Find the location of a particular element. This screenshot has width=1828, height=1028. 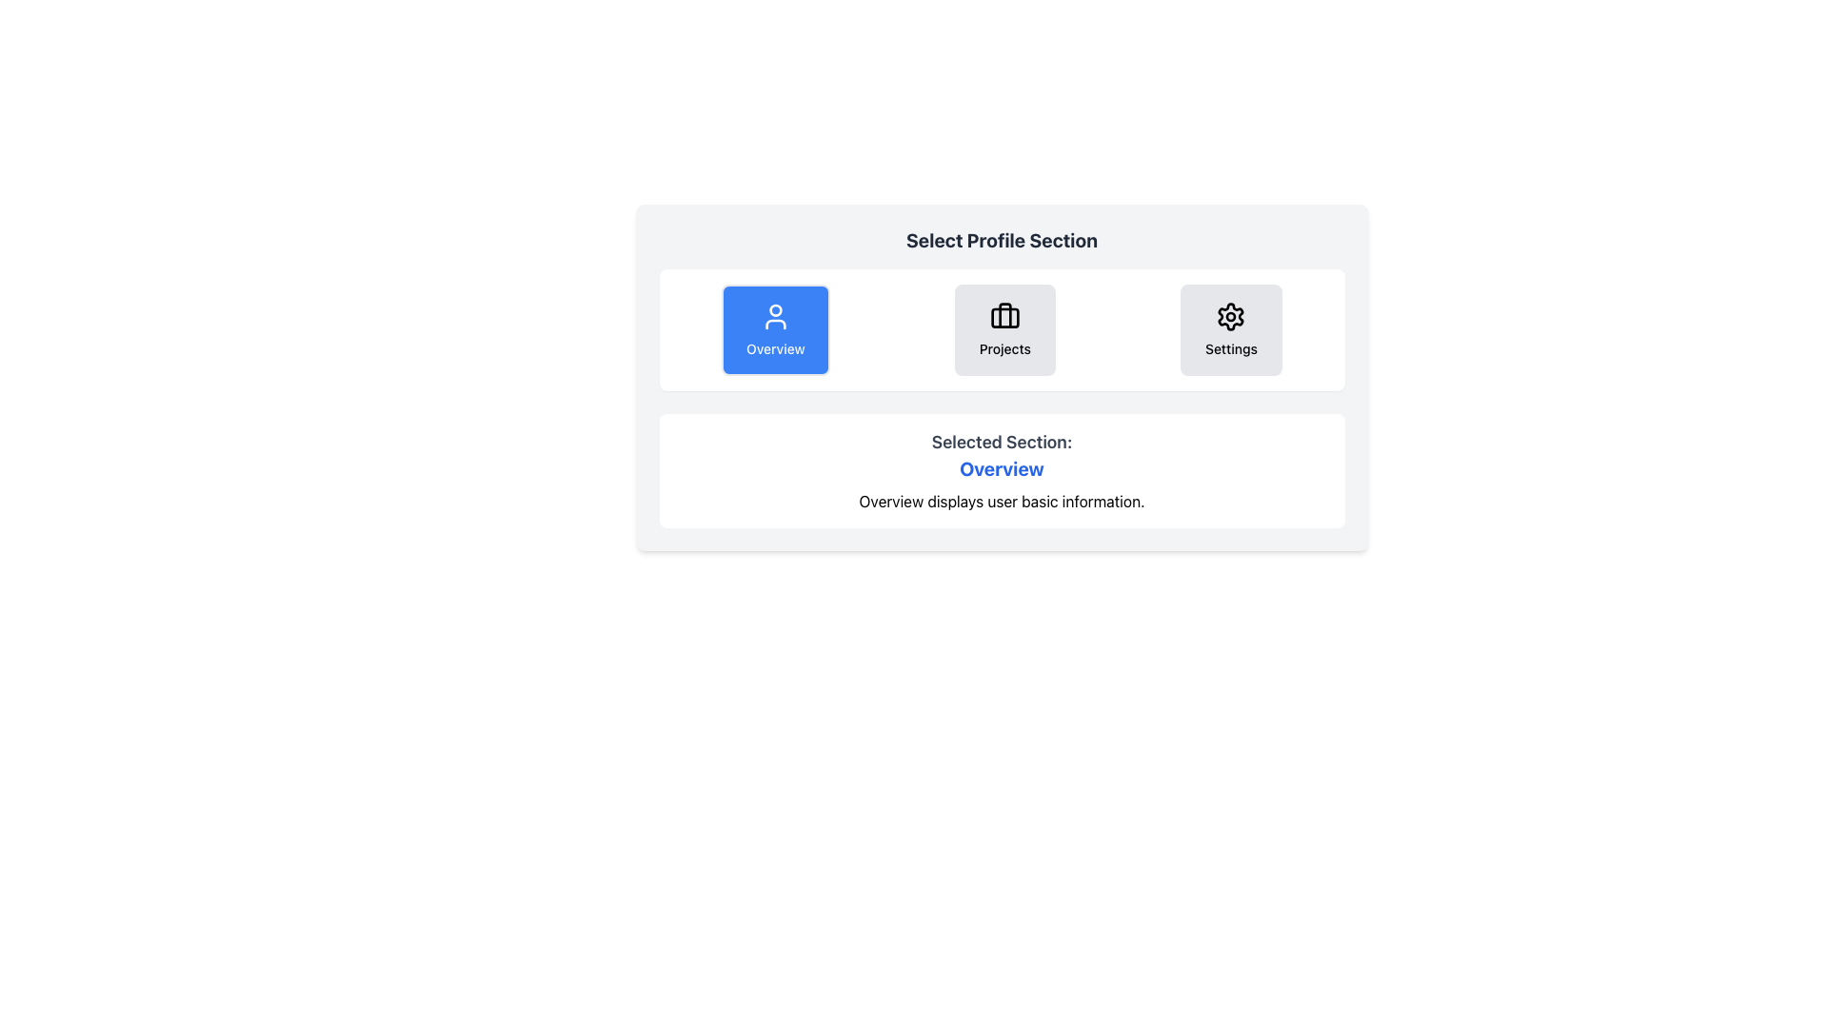

the Informational display section that contains the text 'Selected Section:', 'Overview', and 'Overview displays user basic information.' is located at coordinates (1001, 470).